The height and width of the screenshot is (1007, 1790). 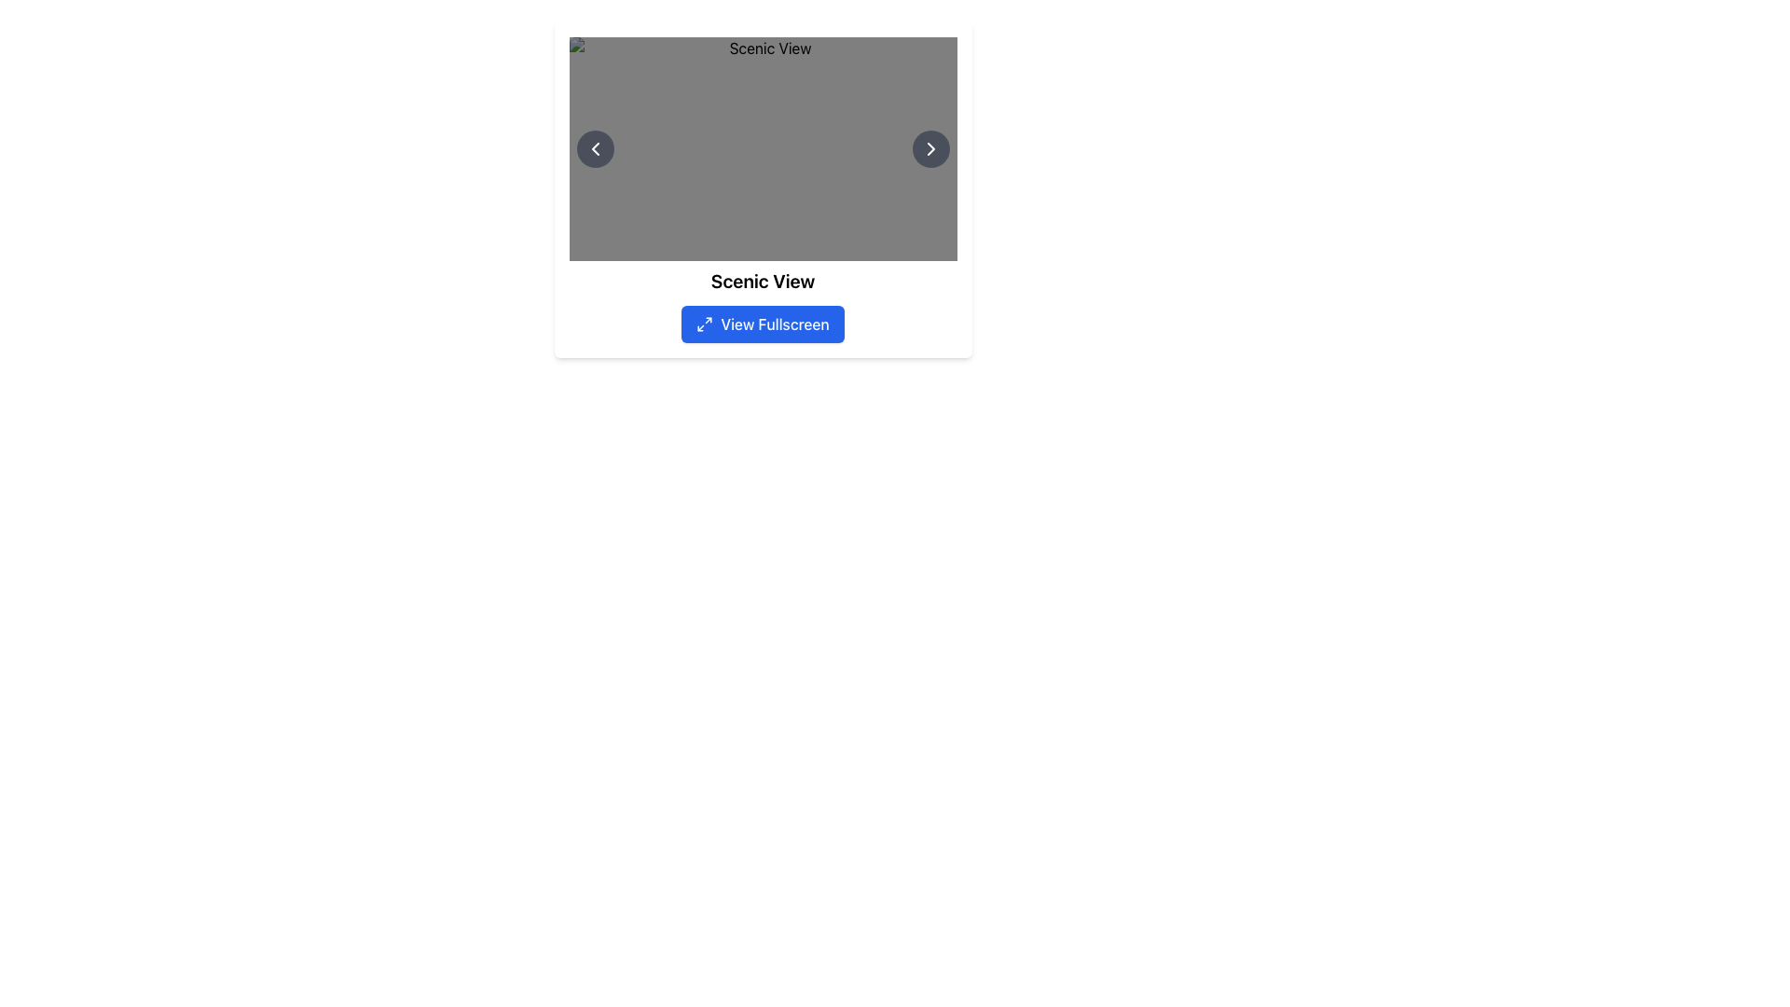 What do you see at coordinates (594, 147) in the screenshot?
I see `the Chevron icon embedded in the SVG` at bounding box center [594, 147].